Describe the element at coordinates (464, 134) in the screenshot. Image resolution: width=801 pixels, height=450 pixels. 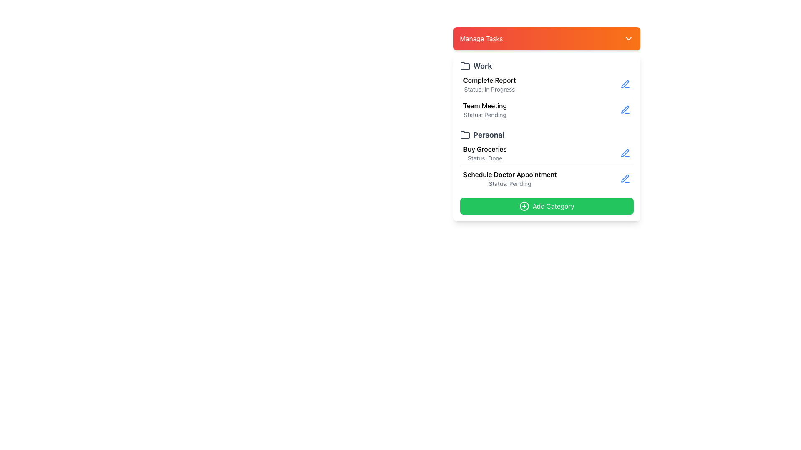
I see `the folder icon with a rectangular body and a tab on its top-left corner, located to the left of the 'Personal' text label in the 'Manage Tasks' interface` at that location.